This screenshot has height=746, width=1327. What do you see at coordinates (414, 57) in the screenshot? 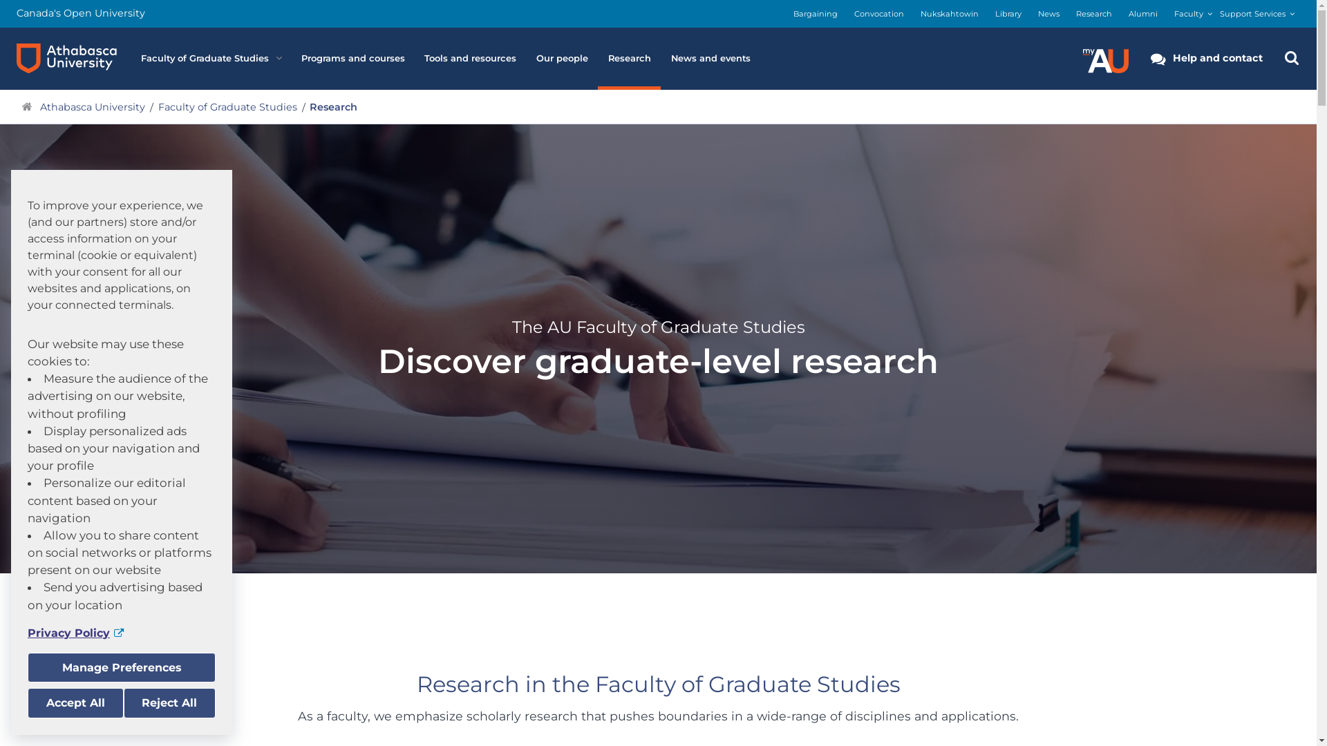
I see `'Tools and resources'` at bounding box center [414, 57].